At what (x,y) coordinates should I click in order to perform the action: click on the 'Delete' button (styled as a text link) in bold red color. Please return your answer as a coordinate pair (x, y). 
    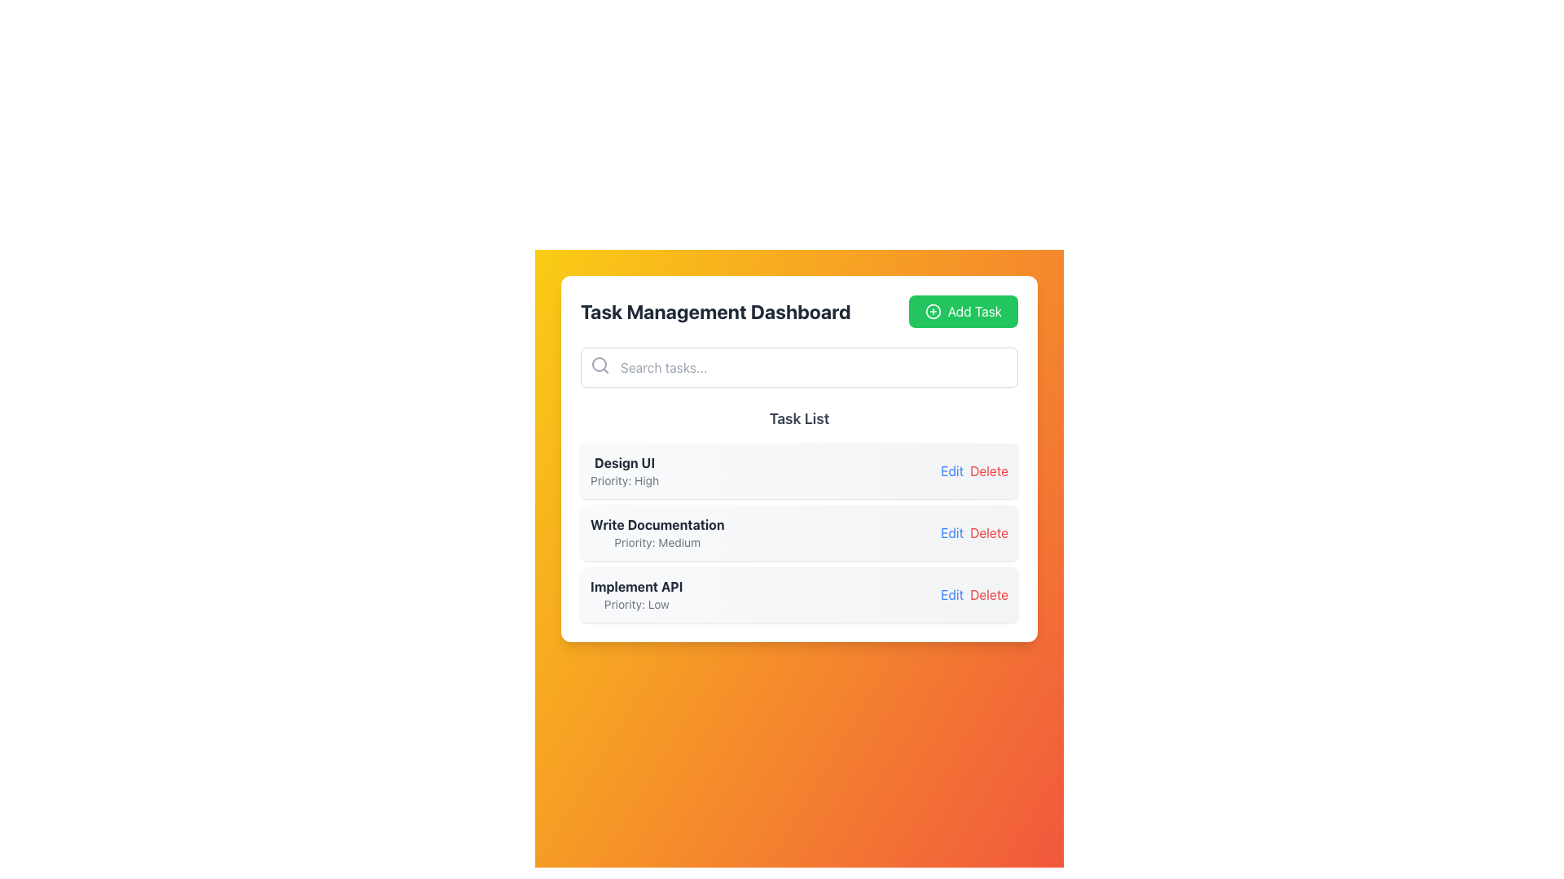
    Looking at the image, I should click on (988, 470).